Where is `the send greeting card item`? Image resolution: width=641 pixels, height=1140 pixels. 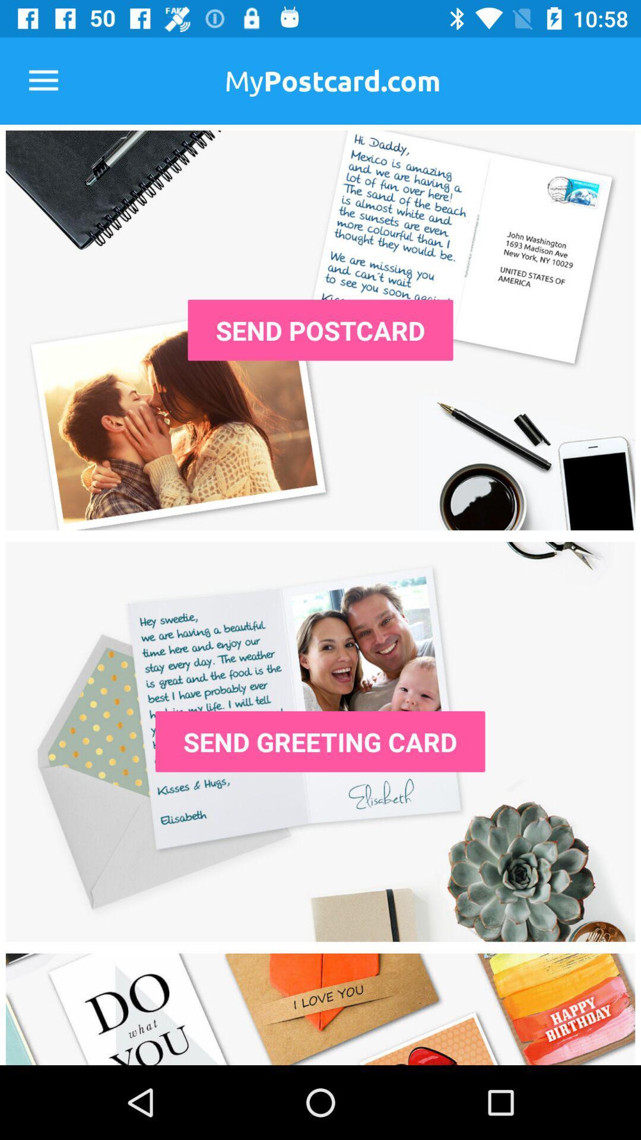 the send greeting card item is located at coordinates (319, 741).